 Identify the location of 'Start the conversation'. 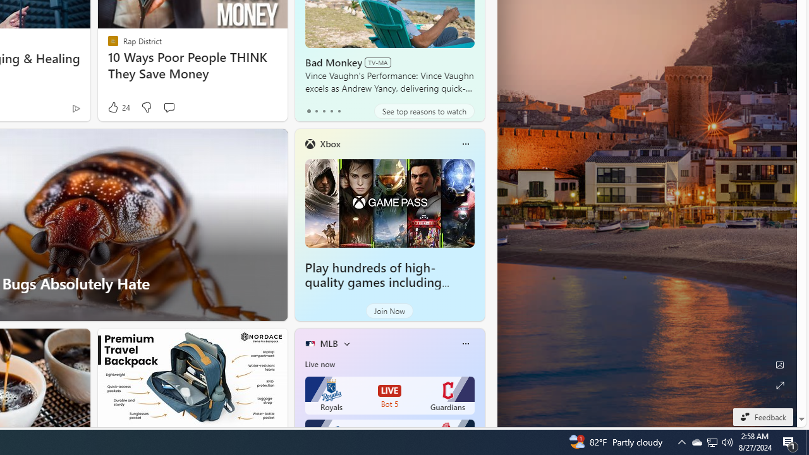
(168, 107).